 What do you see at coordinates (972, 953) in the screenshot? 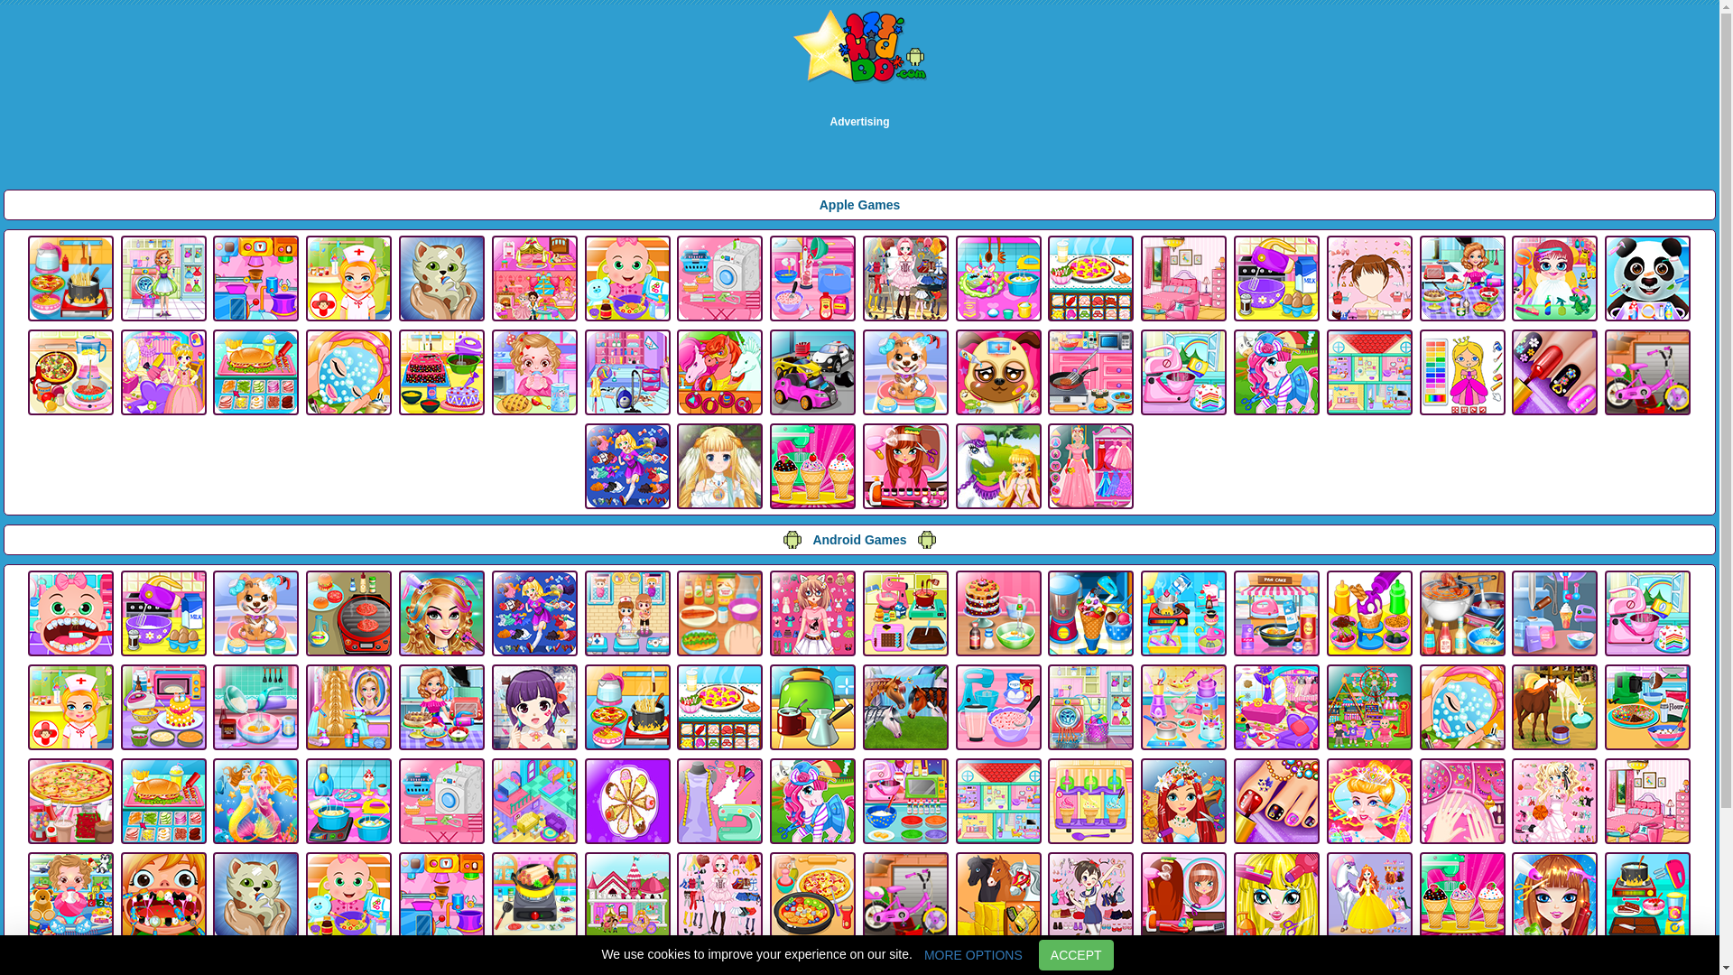
I see `'MORE OPTIONS'` at bounding box center [972, 953].